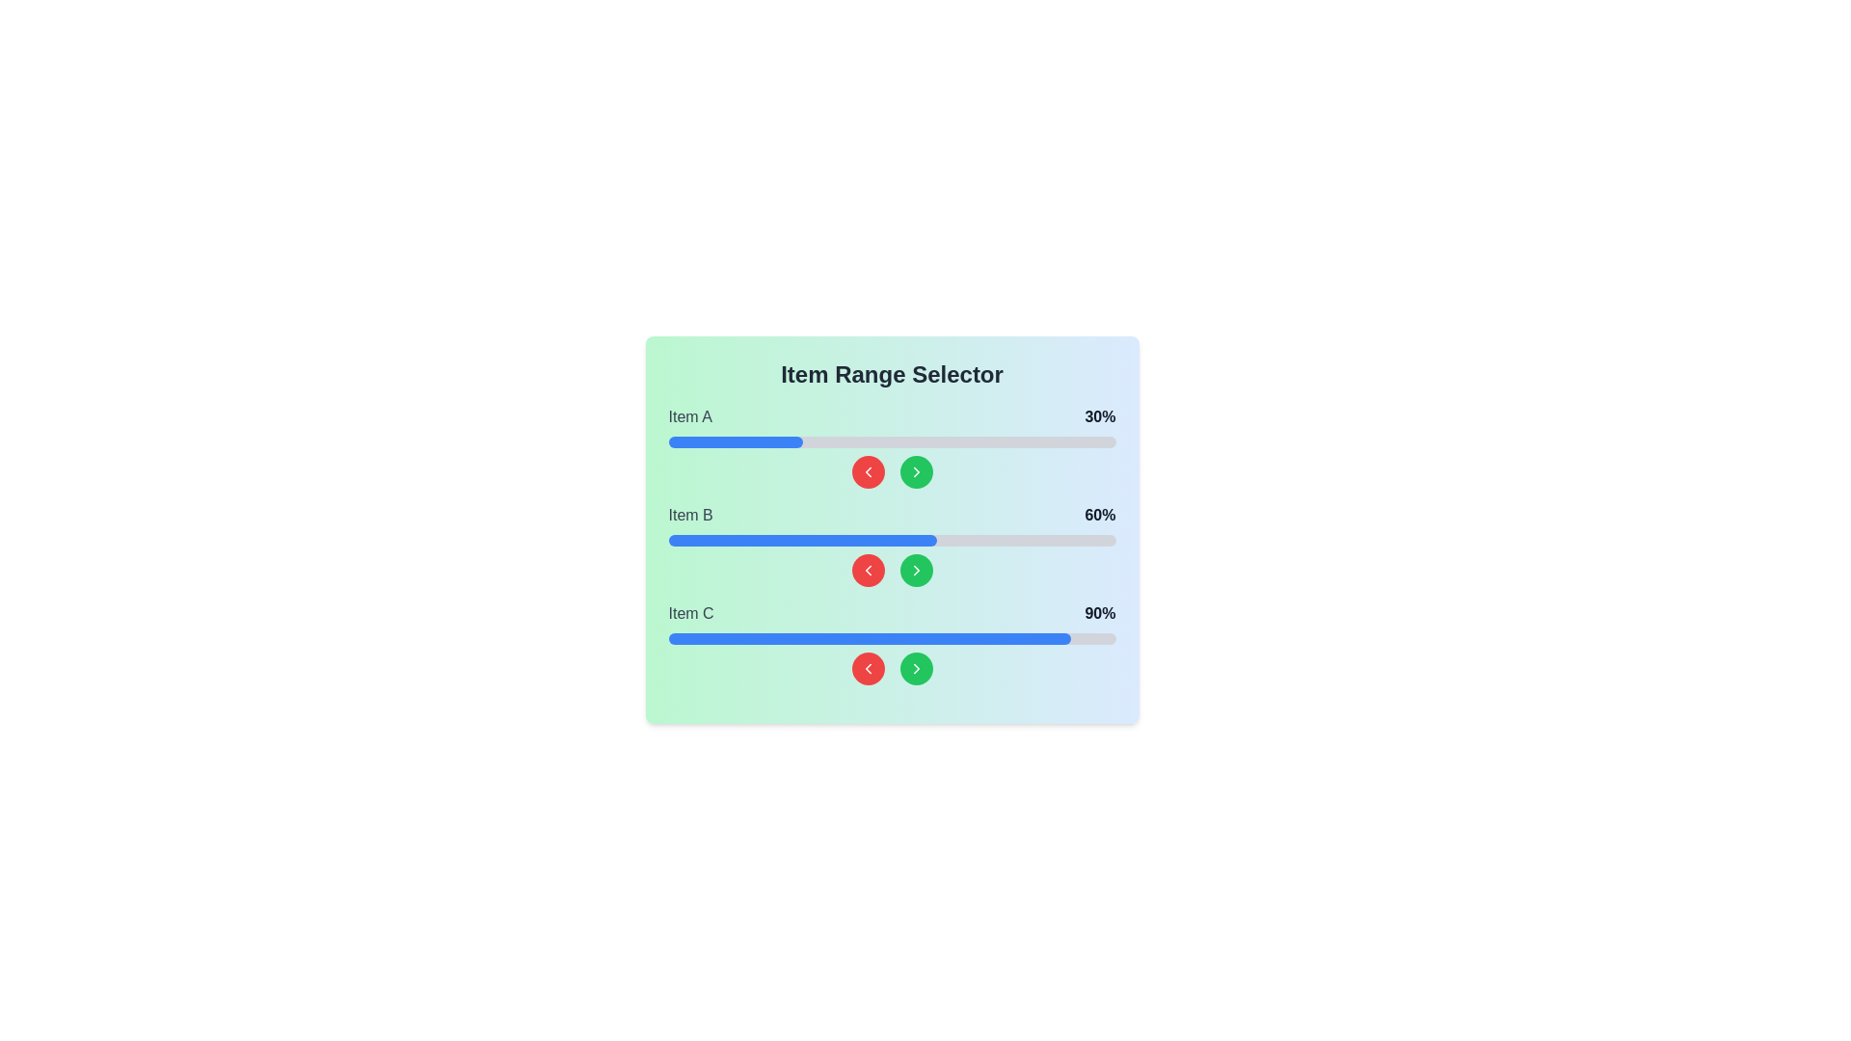 The width and height of the screenshot is (1851, 1041). Describe the element at coordinates (867, 668) in the screenshot. I see `the left-facing chevron arrow button styled with a red circular background` at that location.